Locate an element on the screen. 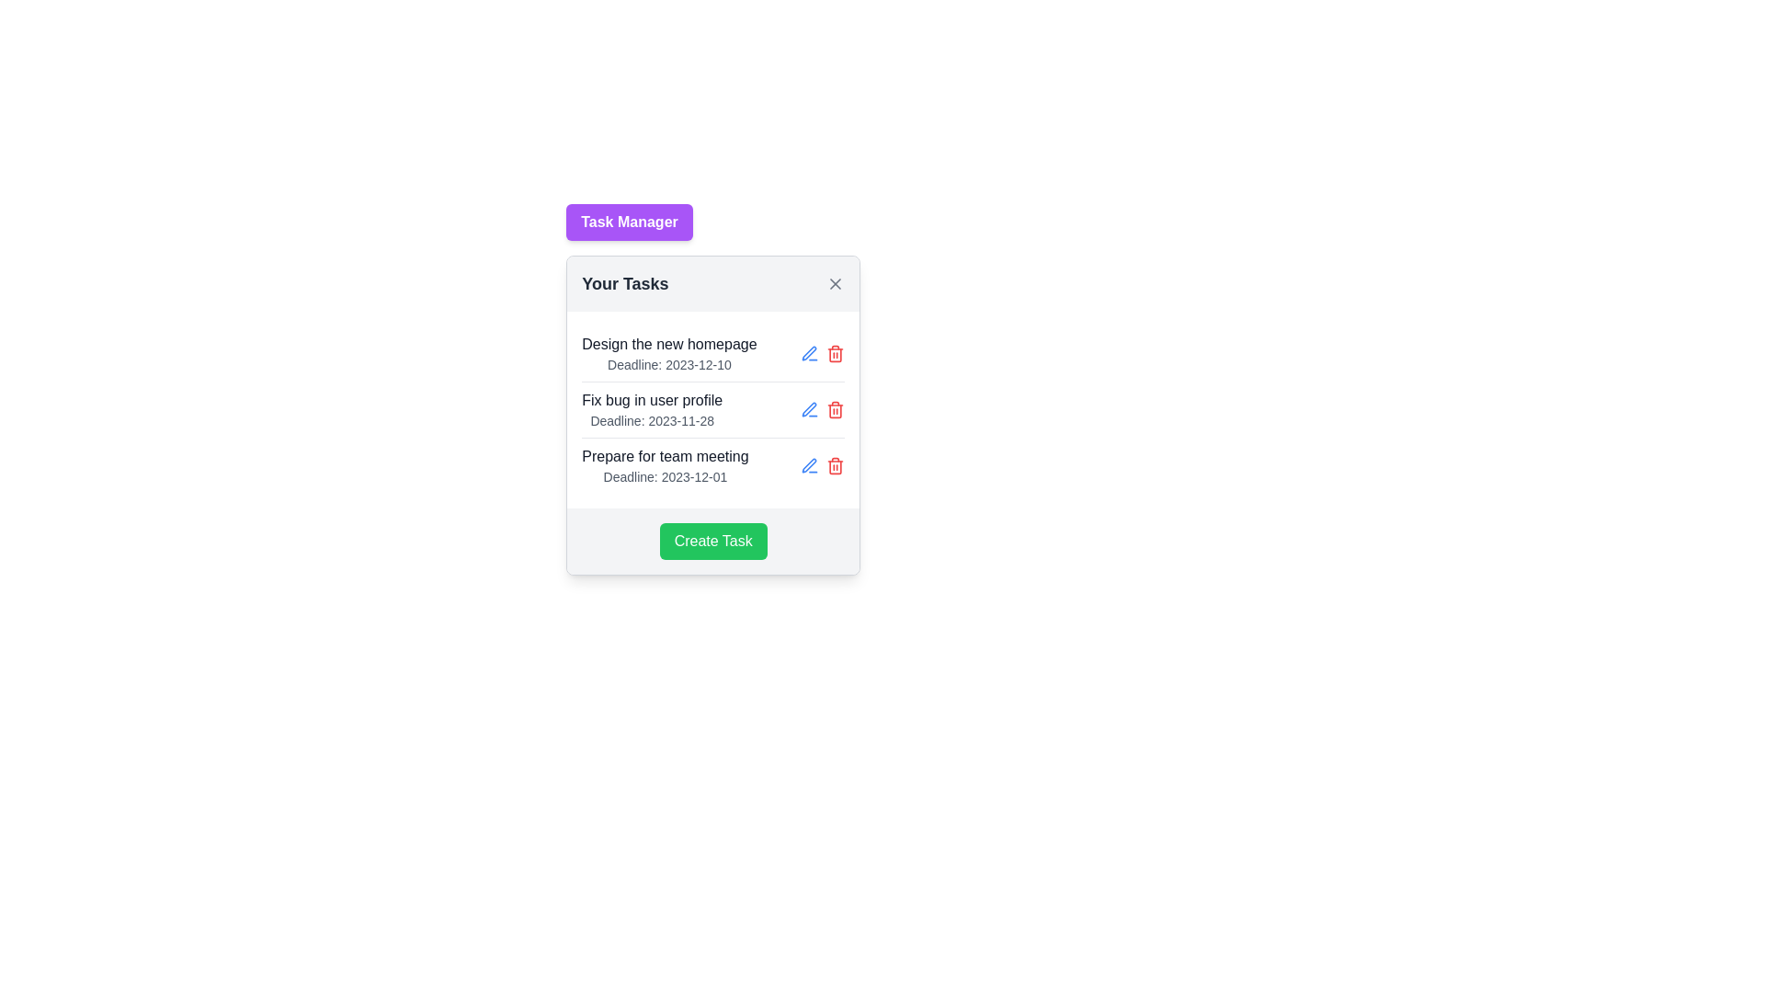 This screenshot has height=993, width=1765. the red trash can icon in the Action group located to the right of the text 'Prepare for team meeting' is located at coordinates (822, 464).